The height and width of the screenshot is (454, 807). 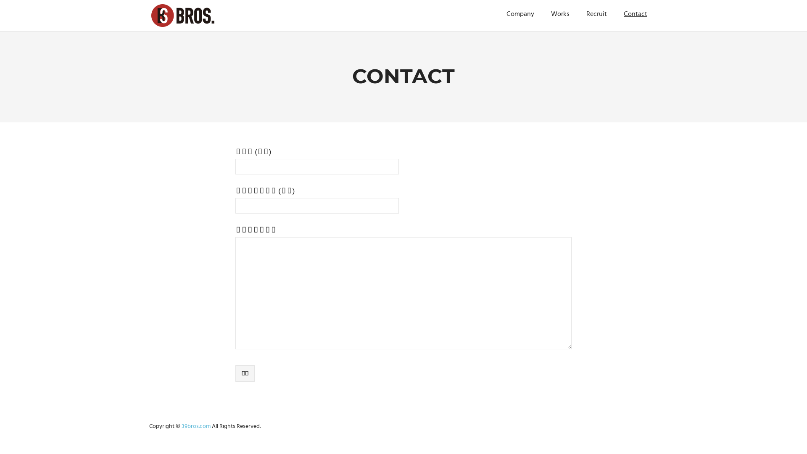 What do you see at coordinates (196, 426) in the screenshot?
I see `'39bros.com'` at bounding box center [196, 426].